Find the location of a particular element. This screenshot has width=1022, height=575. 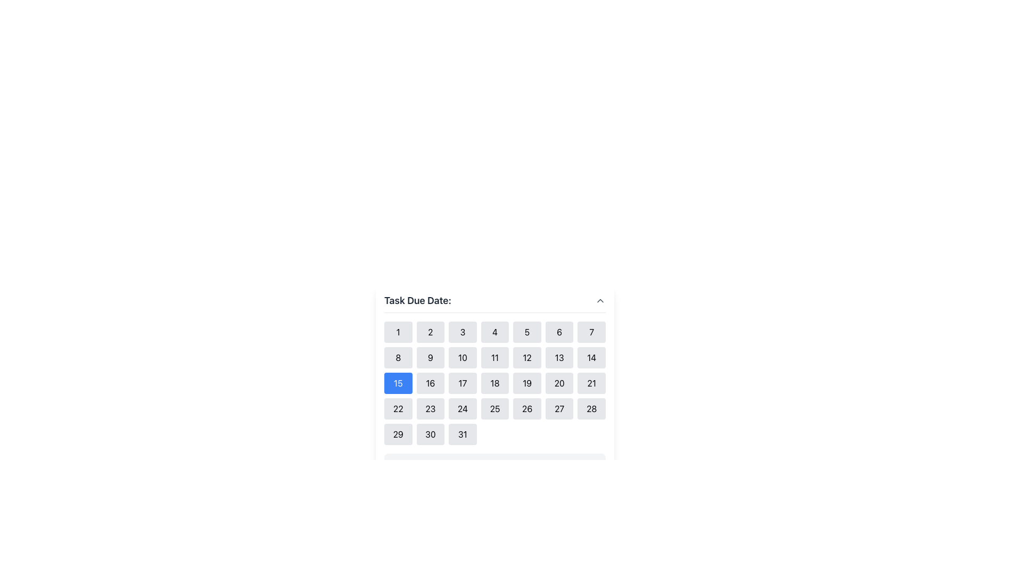

interaction on the Calendar component to highlight the current date selection is located at coordinates (583, 365).